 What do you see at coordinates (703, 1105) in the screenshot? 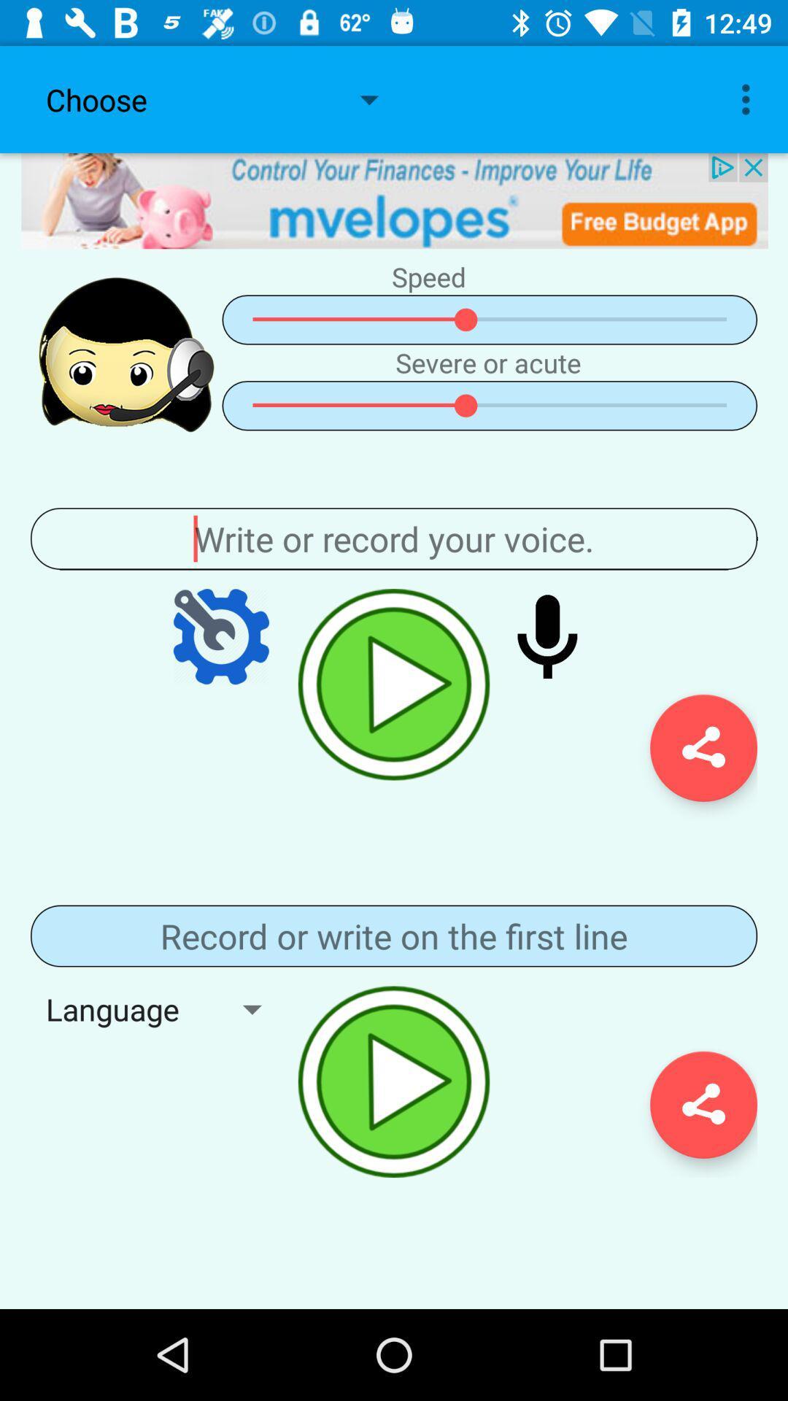
I see `share recording` at bounding box center [703, 1105].